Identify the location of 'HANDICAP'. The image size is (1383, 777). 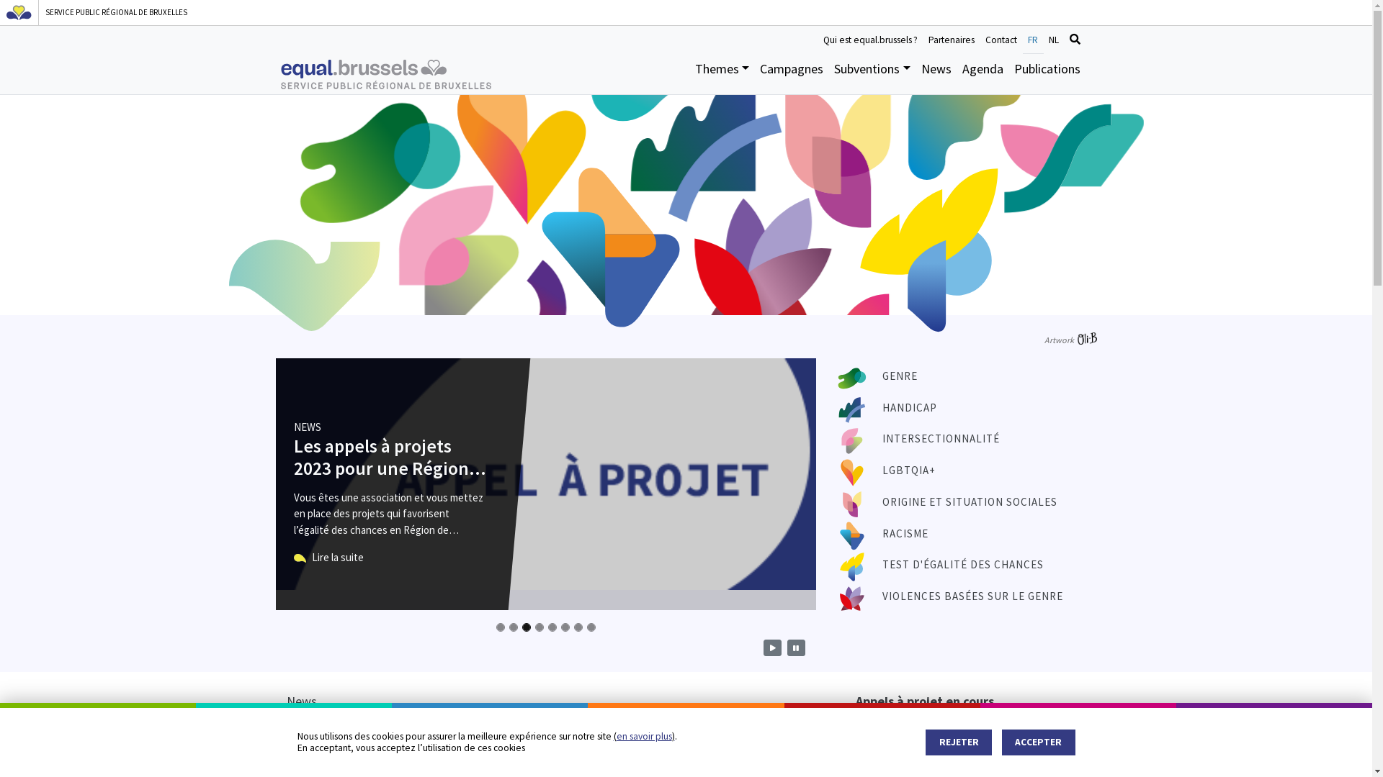
(908, 407).